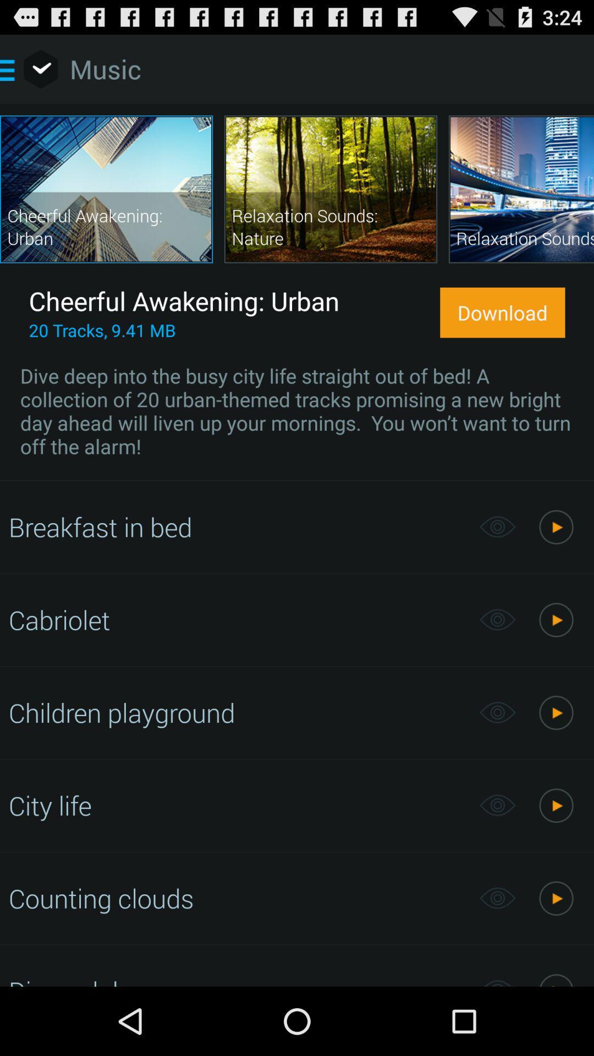 Image resolution: width=594 pixels, height=1056 pixels. Describe the element at coordinates (238, 898) in the screenshot. I see `counting clouds app` at that location.